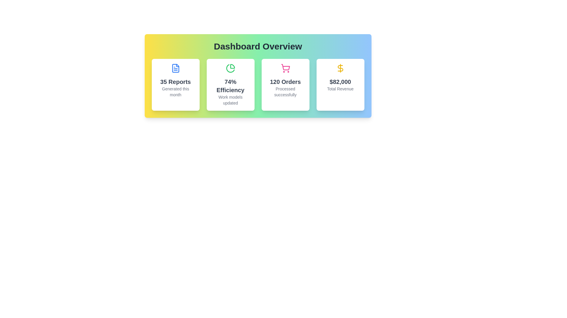  Describe the element at coordinates (285, 85) in the screenshot. I see `the Informational Card displaying '120 Orders' with a pink shopping cart icon, located in the third column of a four-column grid` at that location.